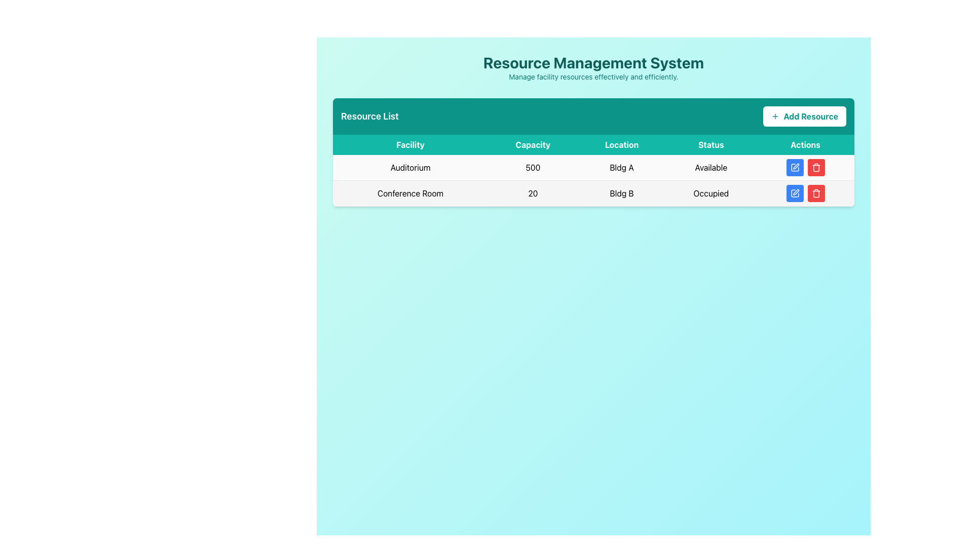  What do you see at coordinates (794, 167) in the screenshot?
I see `the 'Edit' button located in the 'Actions' column of the second row in the resource management table to trigger hover effects` at bounding box center [794, 167].